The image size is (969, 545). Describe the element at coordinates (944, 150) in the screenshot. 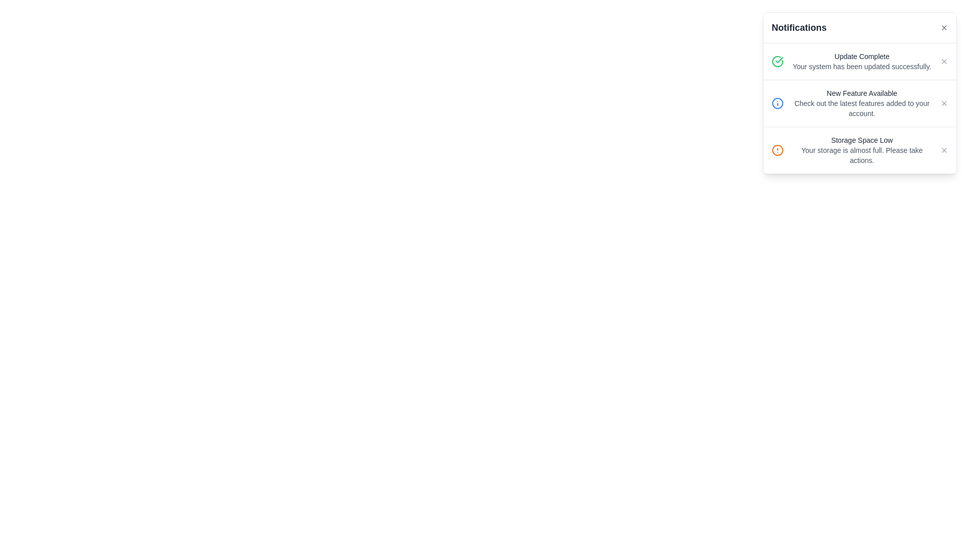

I see `the dismiss button of the 'Storage Space Low' notification to change its color` at that location.